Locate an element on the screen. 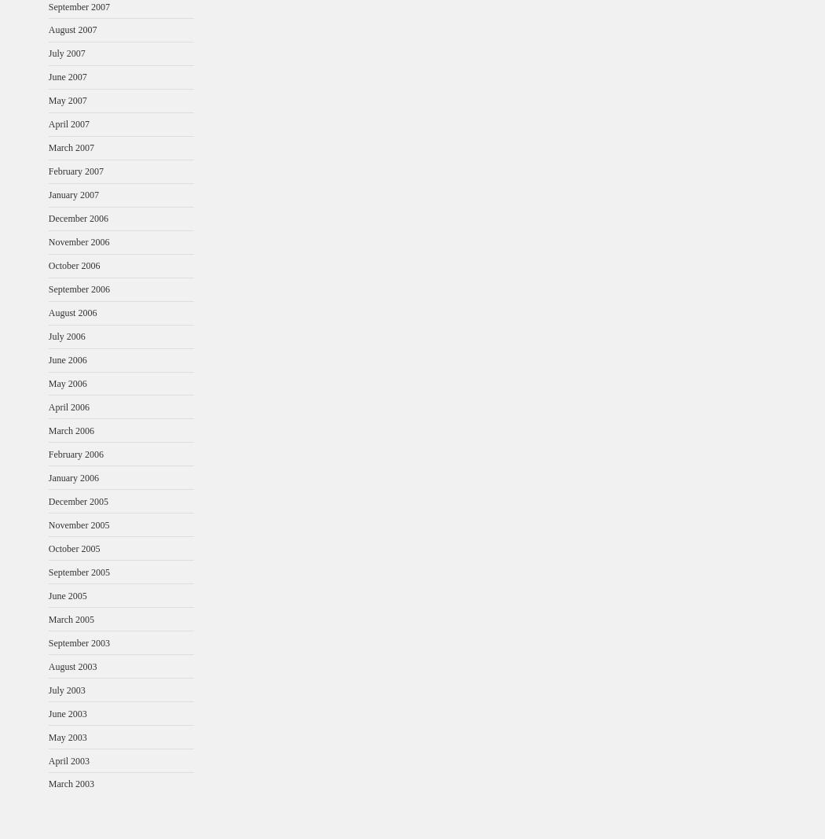 Image resolution: width=825 pixels, height=839 pixels. 'March 2005' is located at coordinates (47, 618).